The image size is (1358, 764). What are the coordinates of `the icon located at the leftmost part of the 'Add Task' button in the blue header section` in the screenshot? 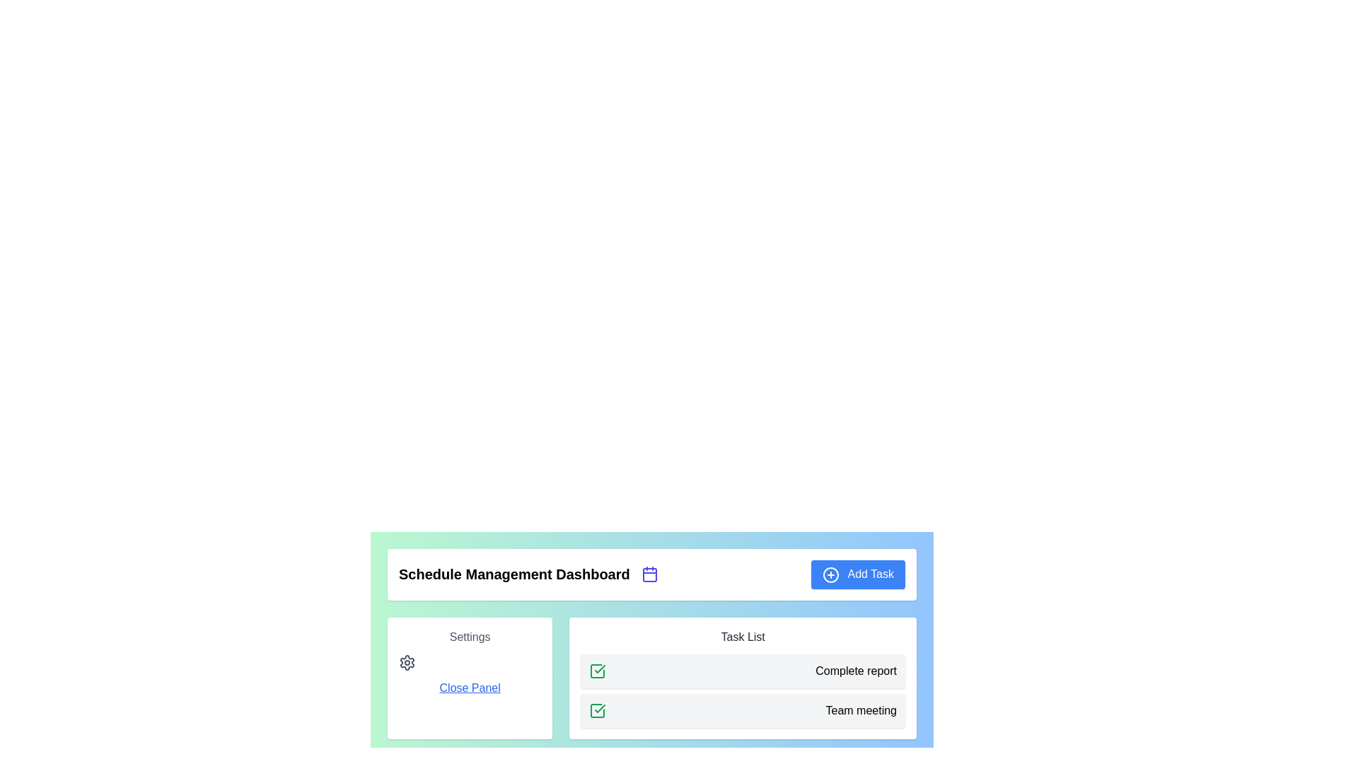 It's located at (830, 574).